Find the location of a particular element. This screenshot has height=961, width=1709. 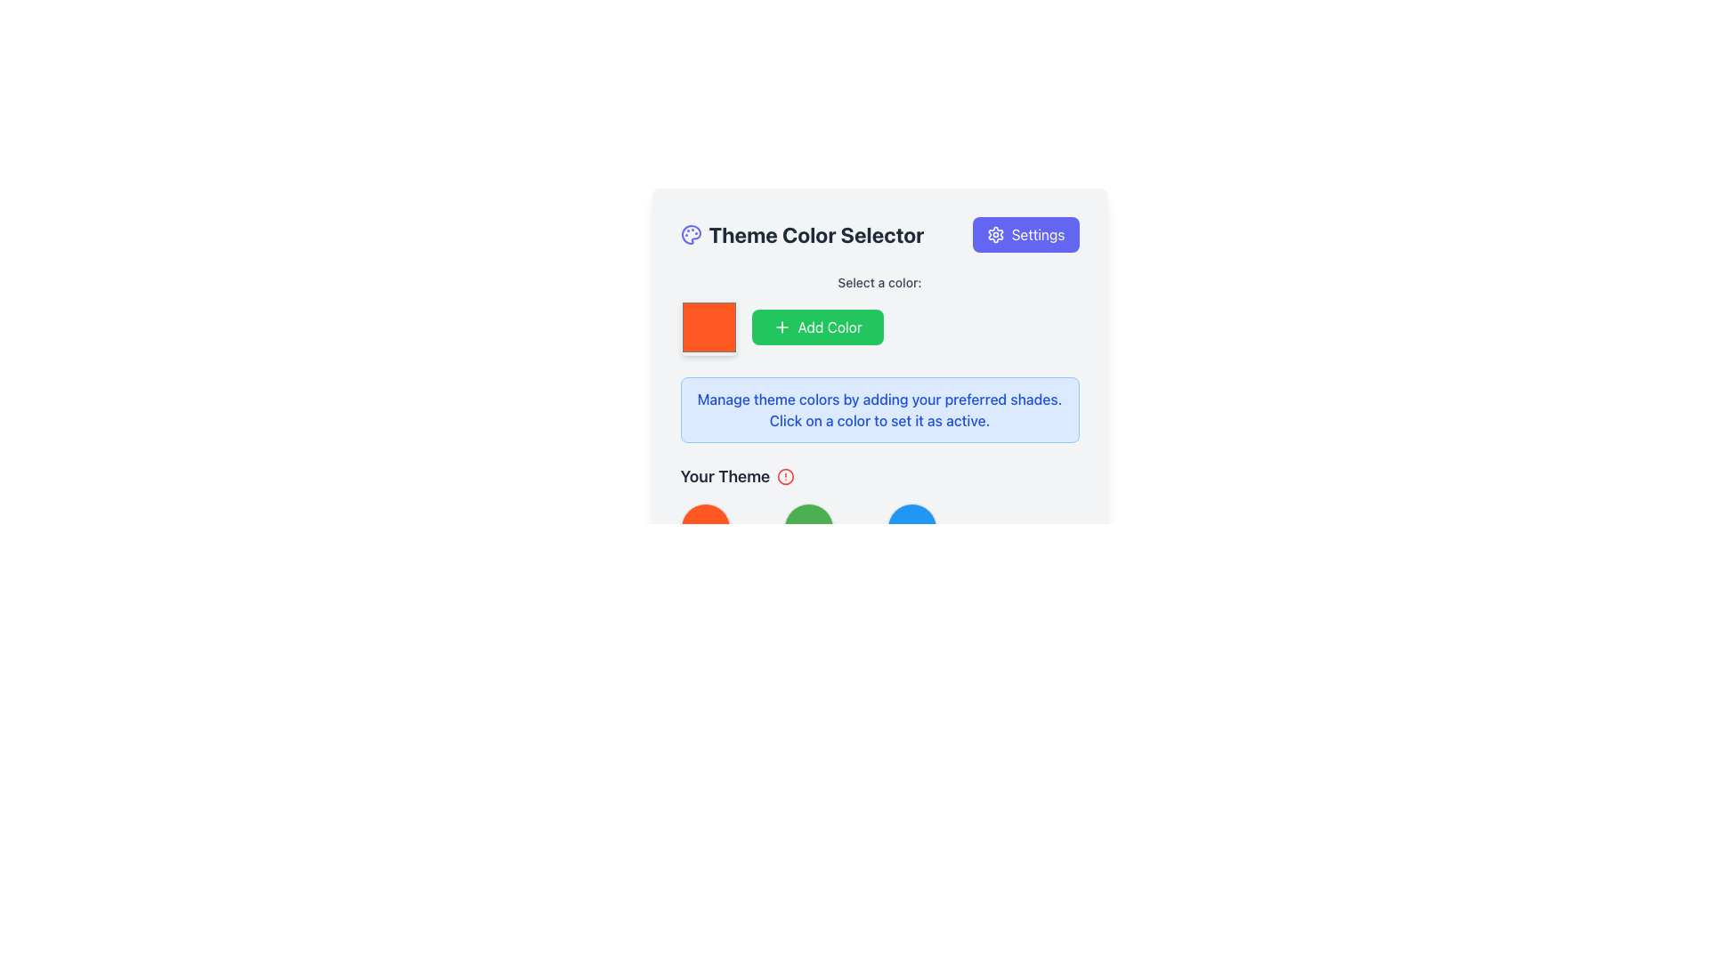

the third circular blue color option in the theme selection interface is located at coordinates (911, 528).